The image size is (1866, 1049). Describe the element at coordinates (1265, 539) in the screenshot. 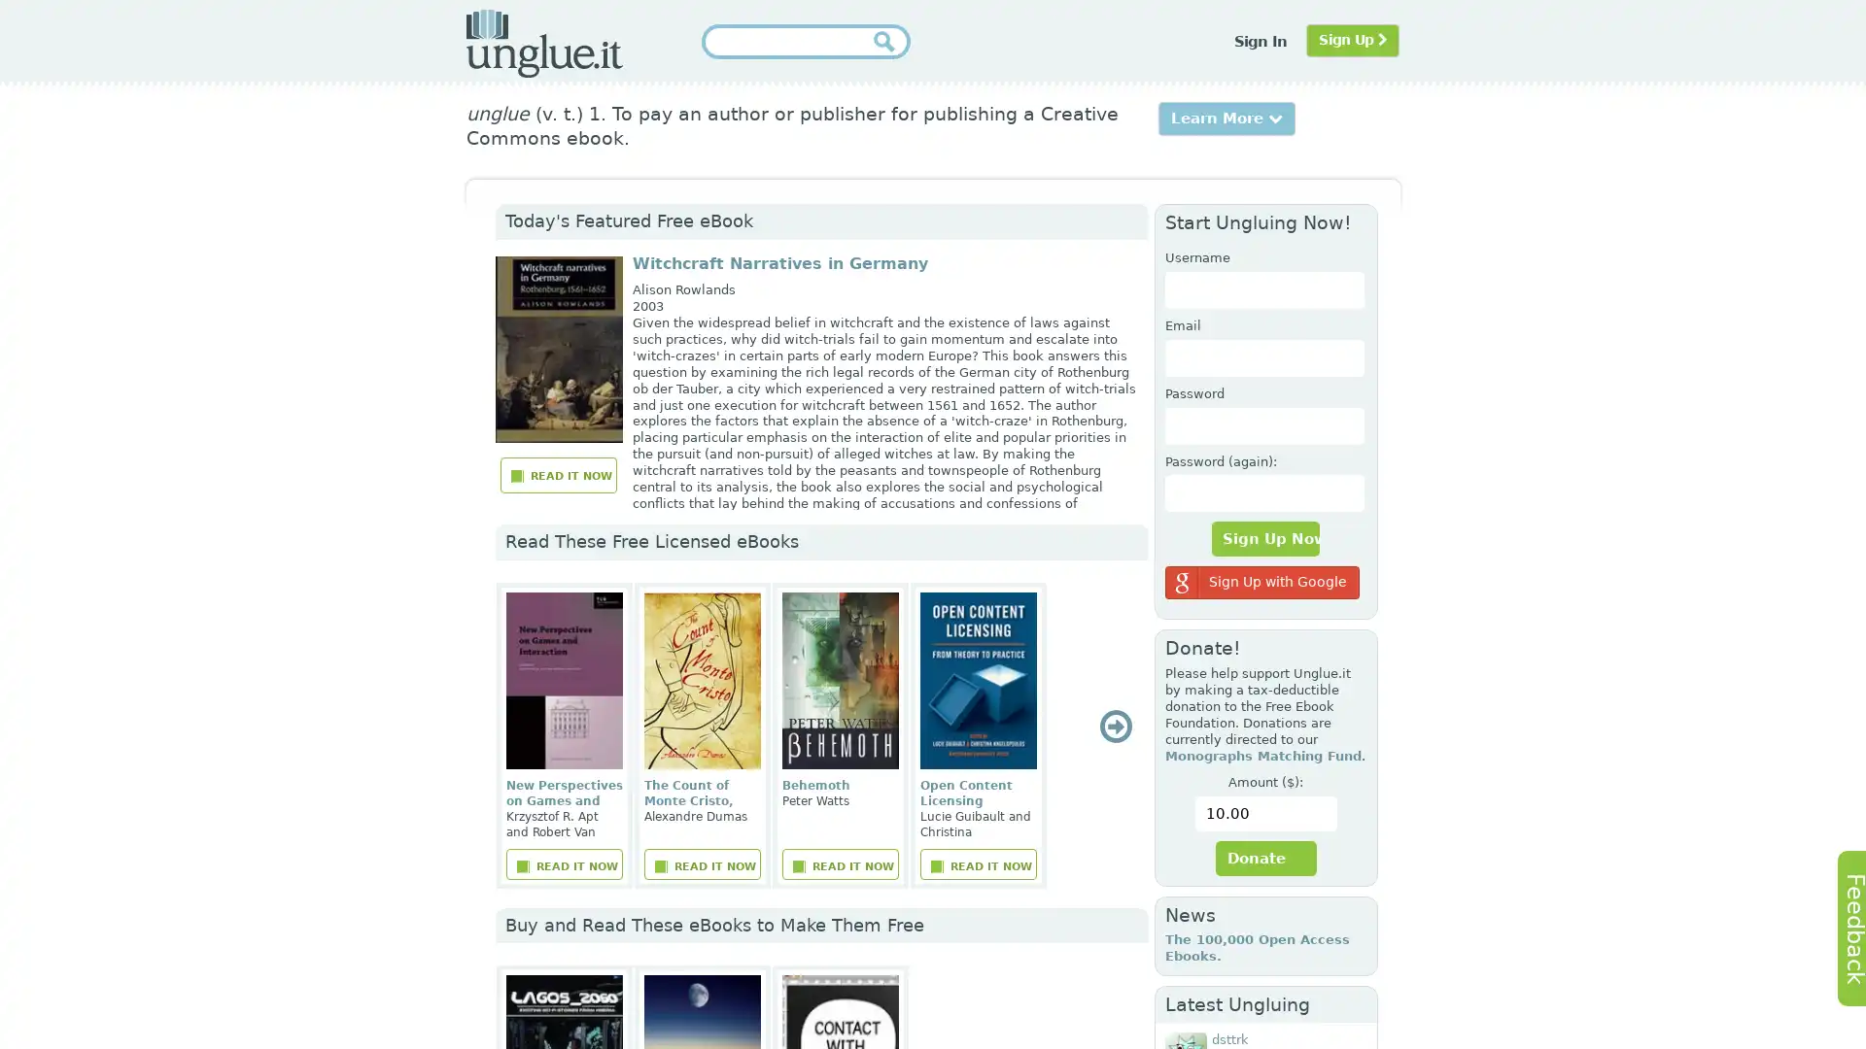

I see `Sign Up Now` at that location.